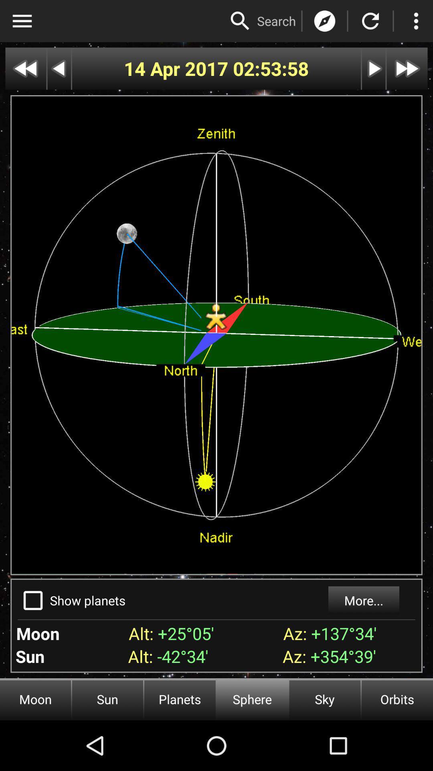  I want to click on the search item, so click(276, 21).